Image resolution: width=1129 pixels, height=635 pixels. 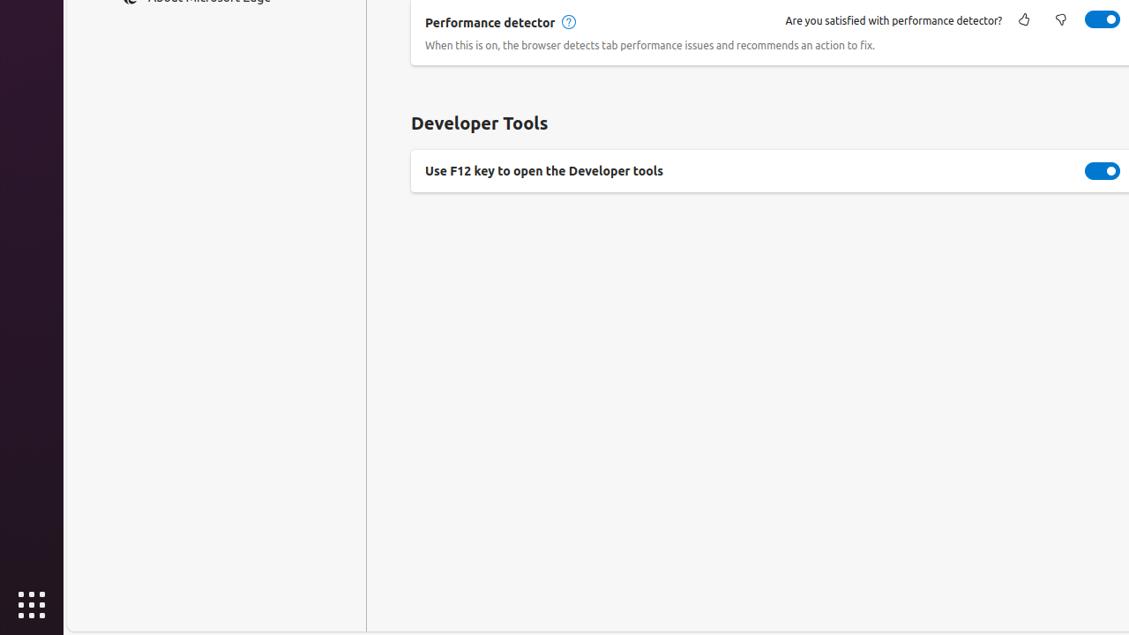 What do you see at coordinates (1023, 20) in the screenshot?
I see `'Like'` at bounding box center [1023, 20].